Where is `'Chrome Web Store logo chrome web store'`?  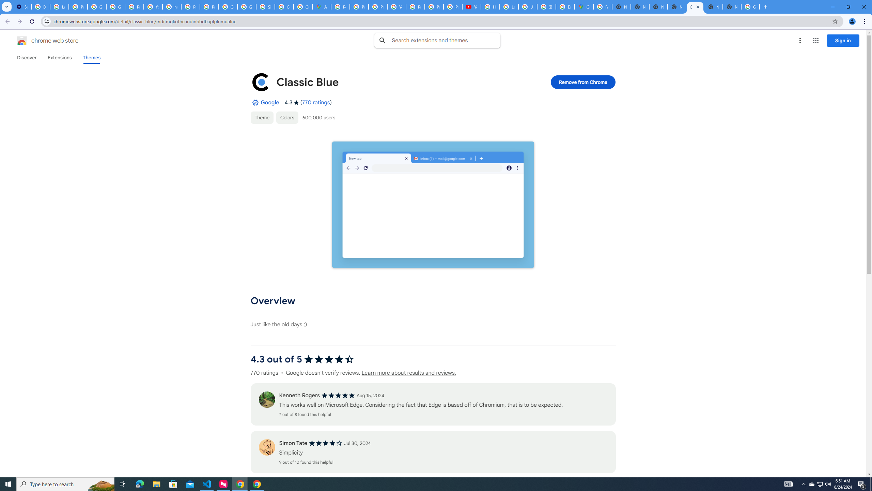 'Chrome Web Store logo chrome web store' is located at coordinates (40, 40).